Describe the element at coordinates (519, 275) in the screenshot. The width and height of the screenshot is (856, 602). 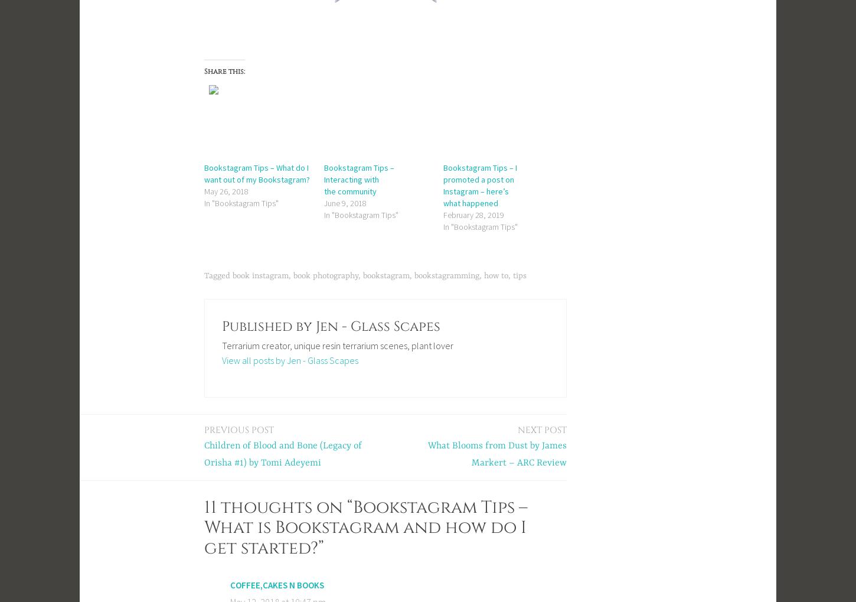
I see `'tips'` at that location.